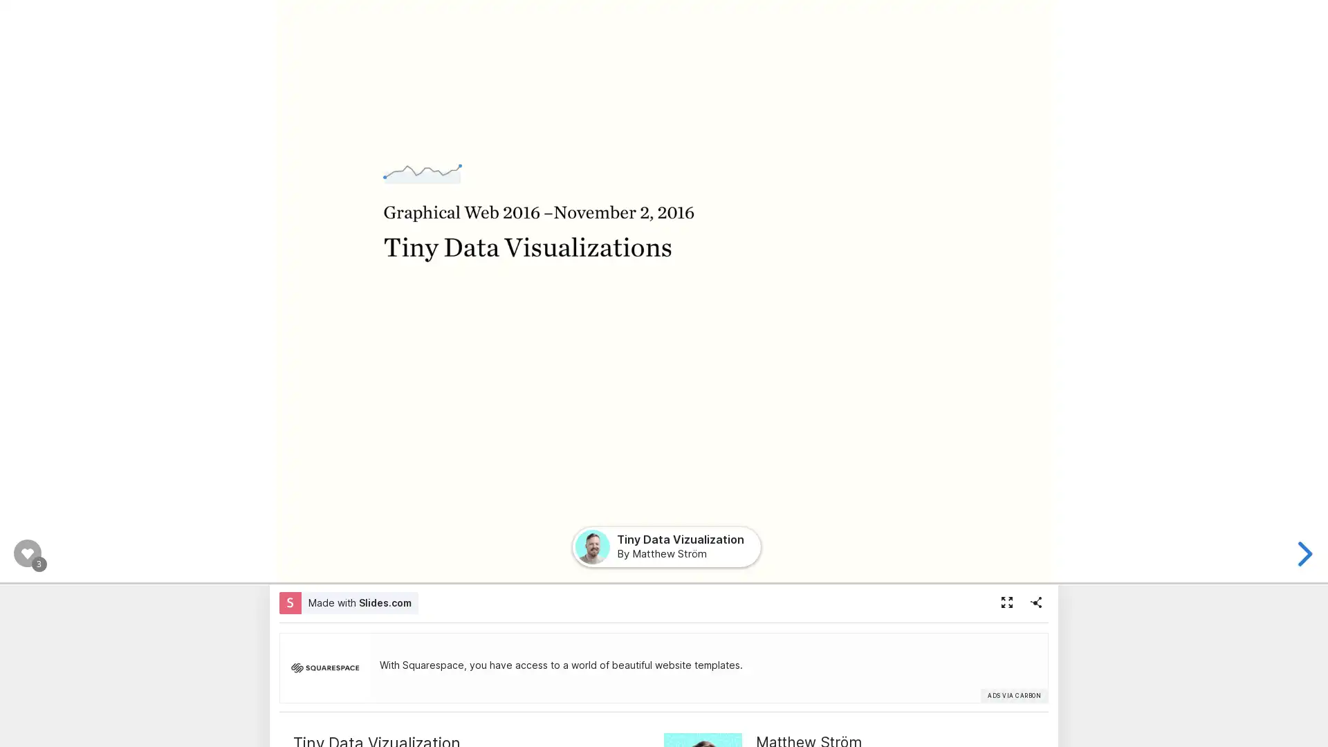 This screenshot has height=747, width=1328. Describe the element at coordinates (1303, 553) in the screenshot. I see `next slide` at that location.